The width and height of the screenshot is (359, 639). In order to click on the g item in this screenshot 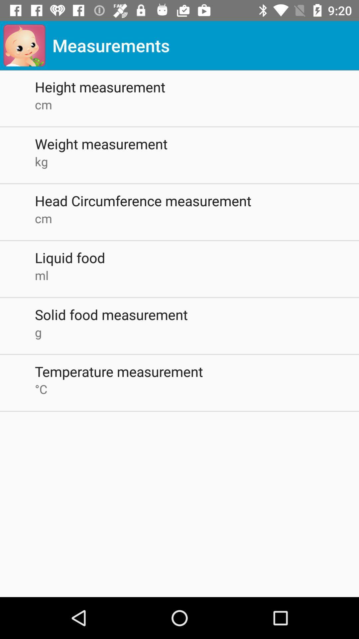, I will do `click(196, 332)`.